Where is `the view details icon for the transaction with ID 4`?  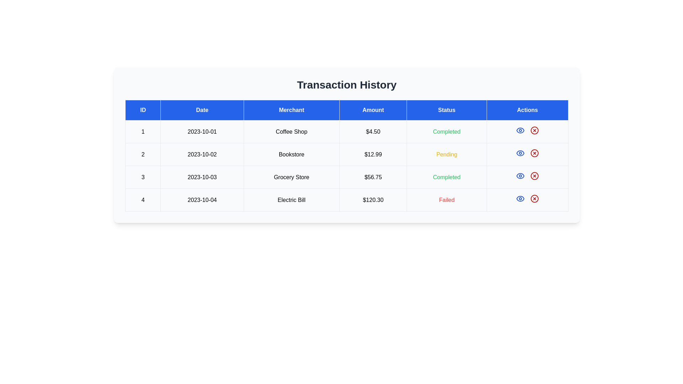
the view details icon for the transaction with ID 4 is located at coordinates (520, 199).